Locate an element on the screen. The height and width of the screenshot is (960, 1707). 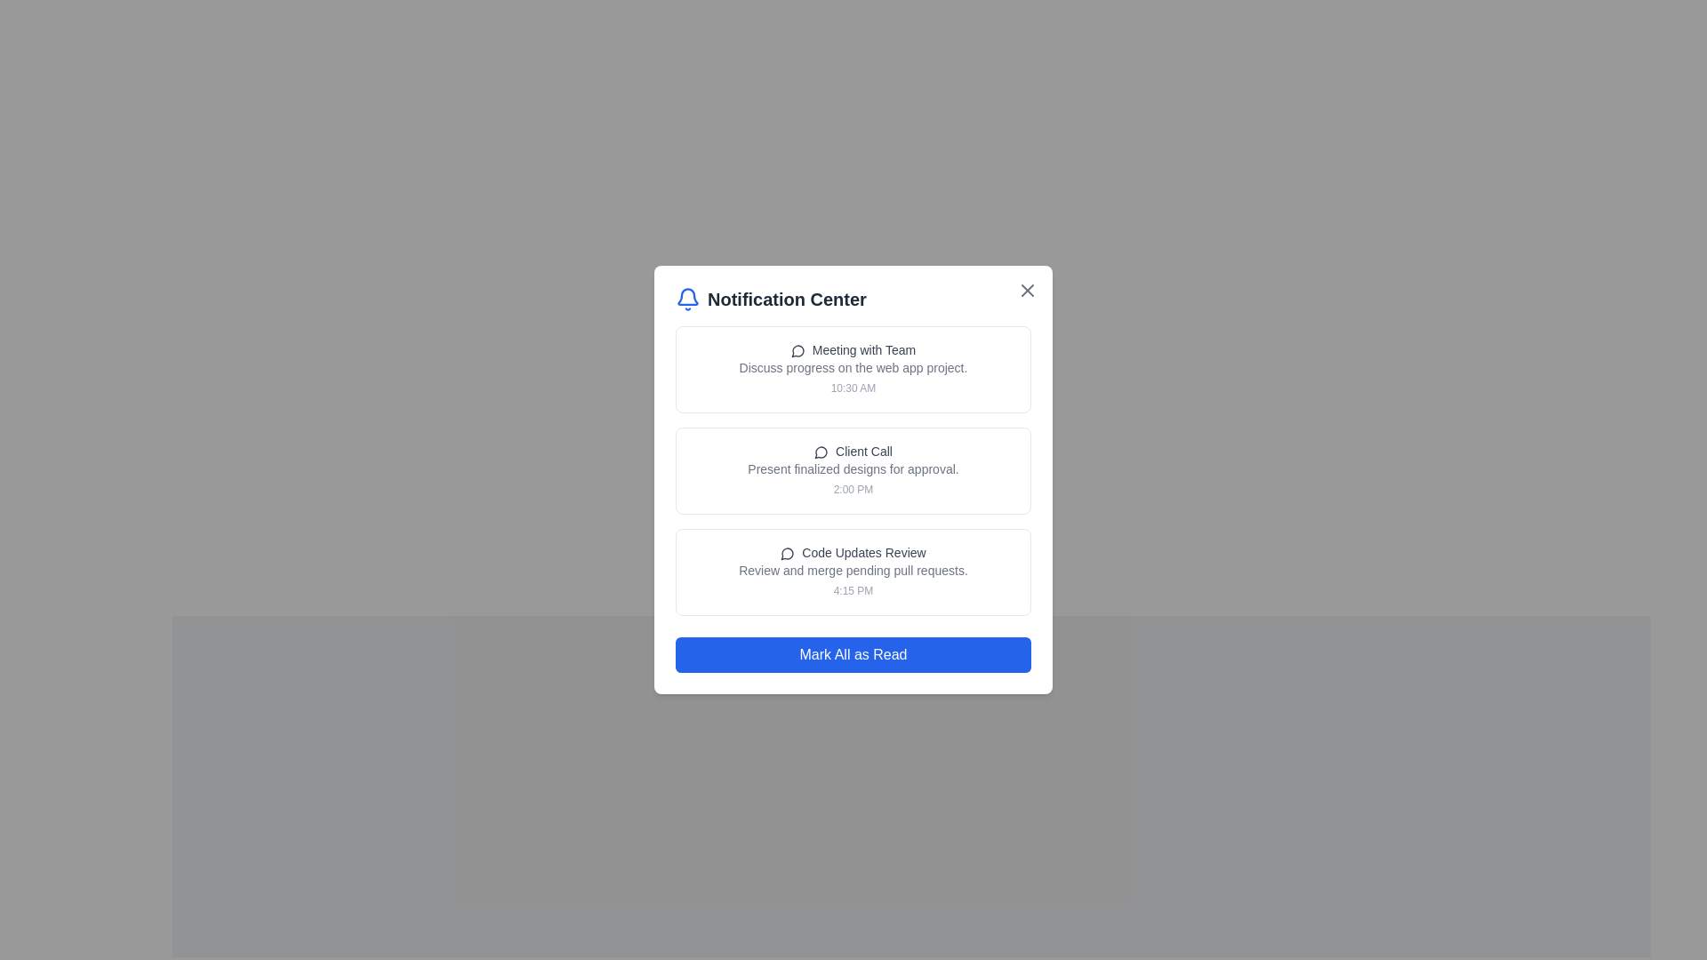
the text label displaying 'Notification Center', which is a bold, large dark gray font located in the header section of the notification panel is located at coordinates (786, 298).